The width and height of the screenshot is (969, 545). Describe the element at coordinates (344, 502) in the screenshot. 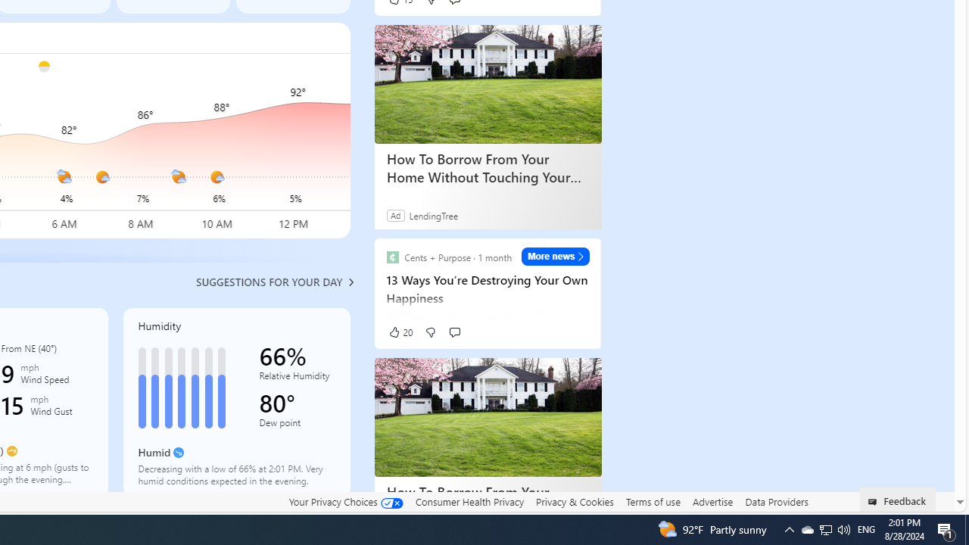

I see `'Your Privacy Choices'` at that location.